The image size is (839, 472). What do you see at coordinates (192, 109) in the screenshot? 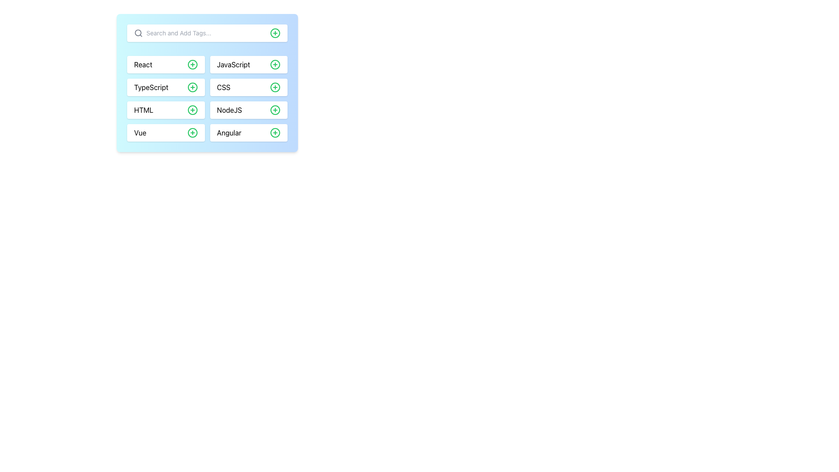
I see `the central circle icon of the '+ Add' feature next to the 'HTML' tag in the grid layout` at bounding box center [192, 109].